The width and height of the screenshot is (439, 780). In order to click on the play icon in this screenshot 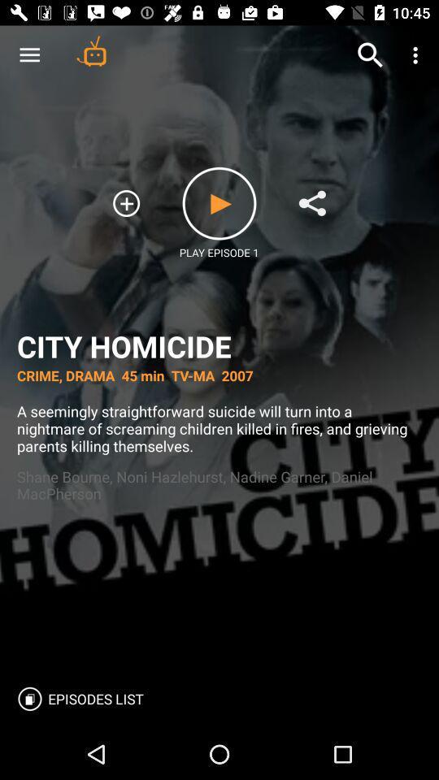, I will do `click(219, 202)`.